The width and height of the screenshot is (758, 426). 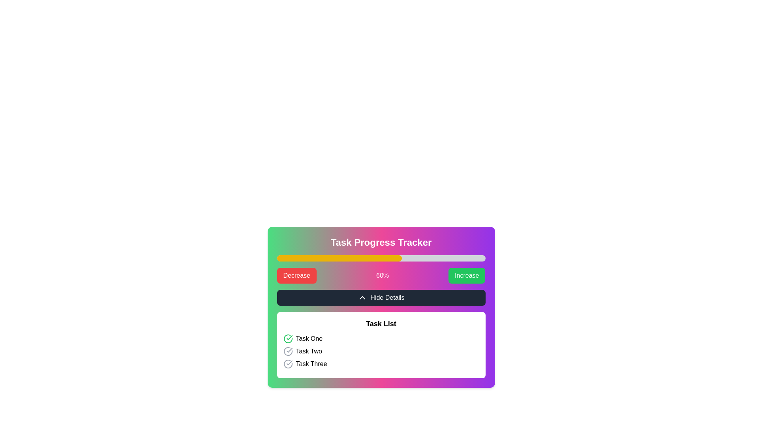 I want to click on the Icon indicator associated with 'Task Three' in the 'Task List' to change its state from incomplete or pending, so click(x=287, y=364).